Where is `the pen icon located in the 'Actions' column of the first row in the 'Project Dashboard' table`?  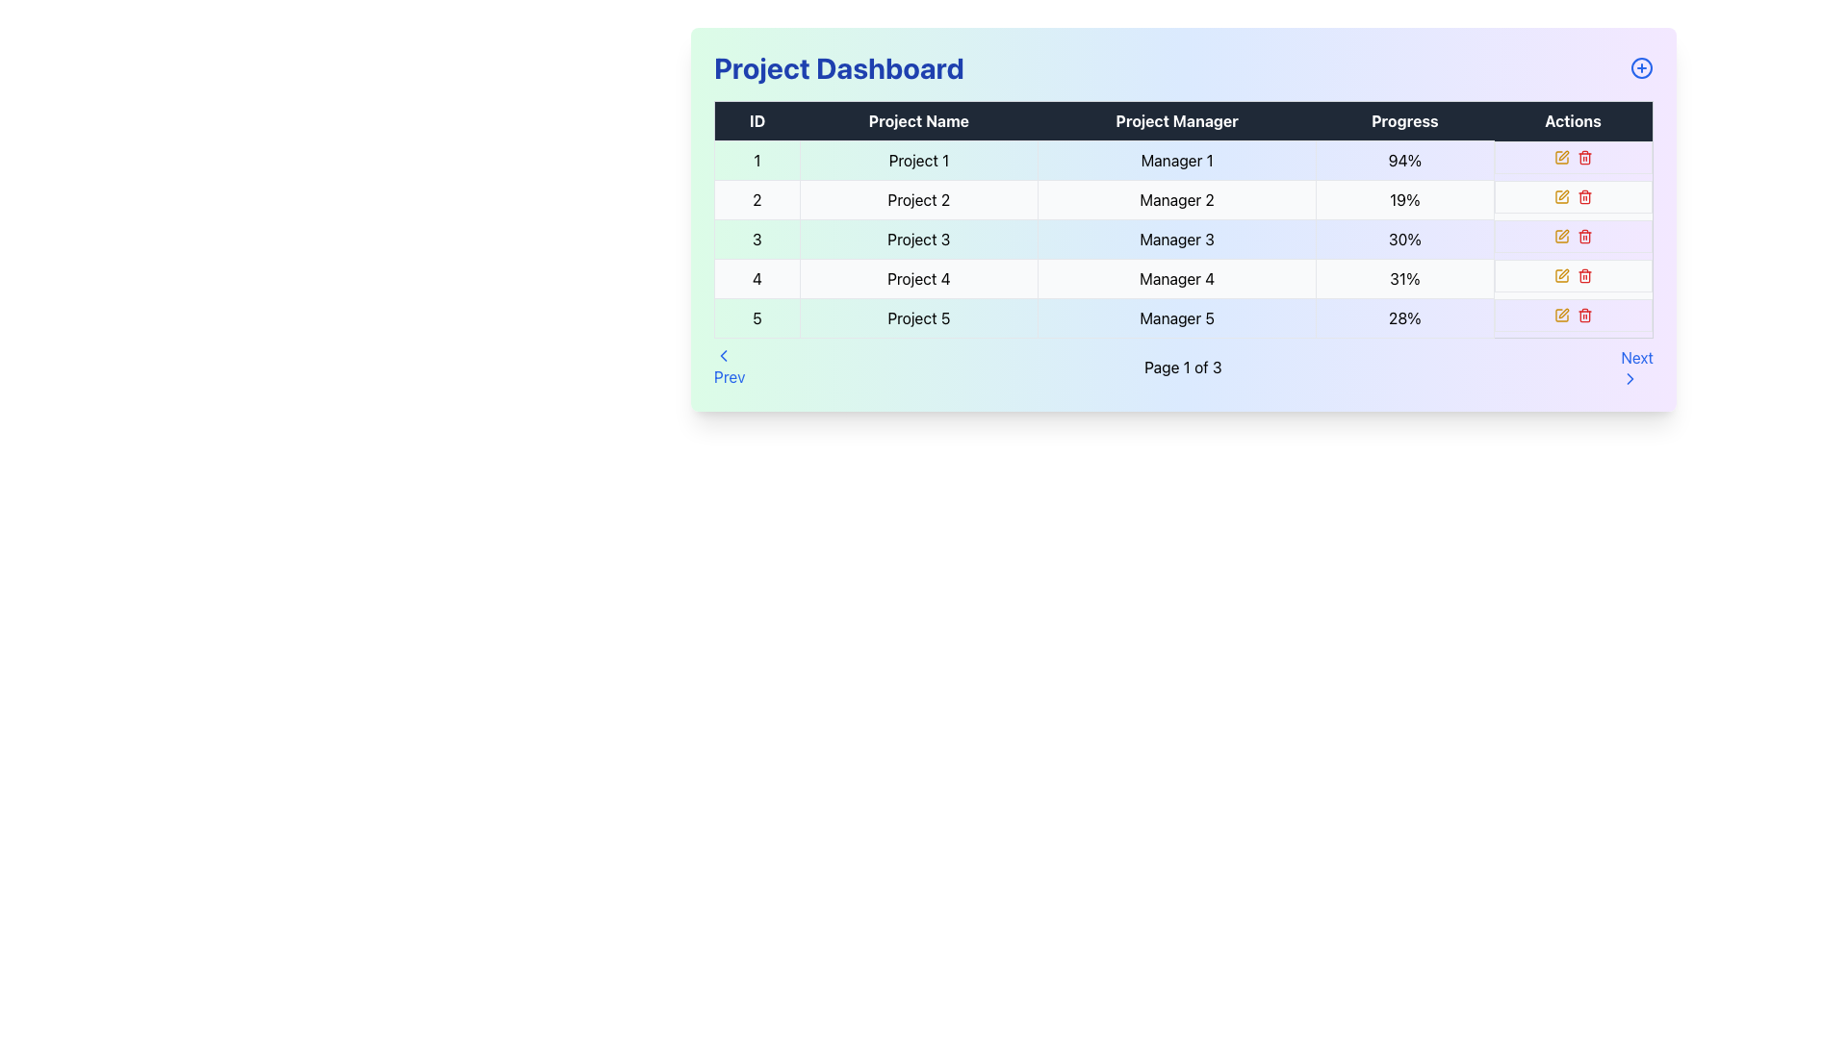
the pen icon located in the 'Actions' column of the first row in the 'Project Dashboard' table is located at coordinates (1563, 273).